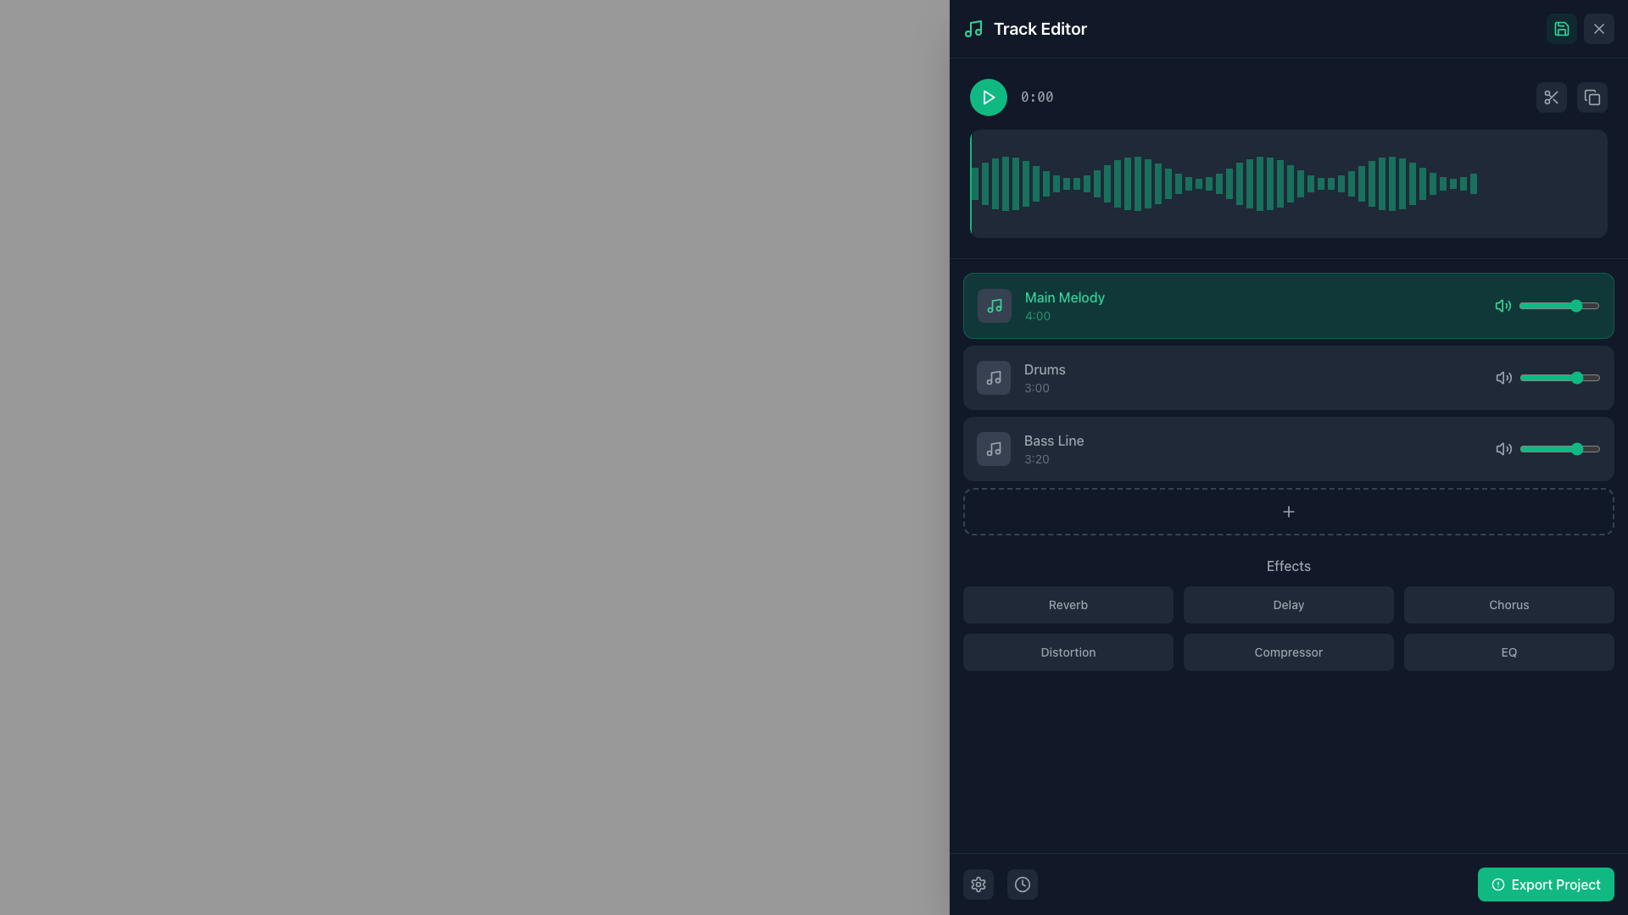  I want to click on the 23rd waveform bar, a vertical rectangle with a translucent emerald green color, so click(1187, 183).